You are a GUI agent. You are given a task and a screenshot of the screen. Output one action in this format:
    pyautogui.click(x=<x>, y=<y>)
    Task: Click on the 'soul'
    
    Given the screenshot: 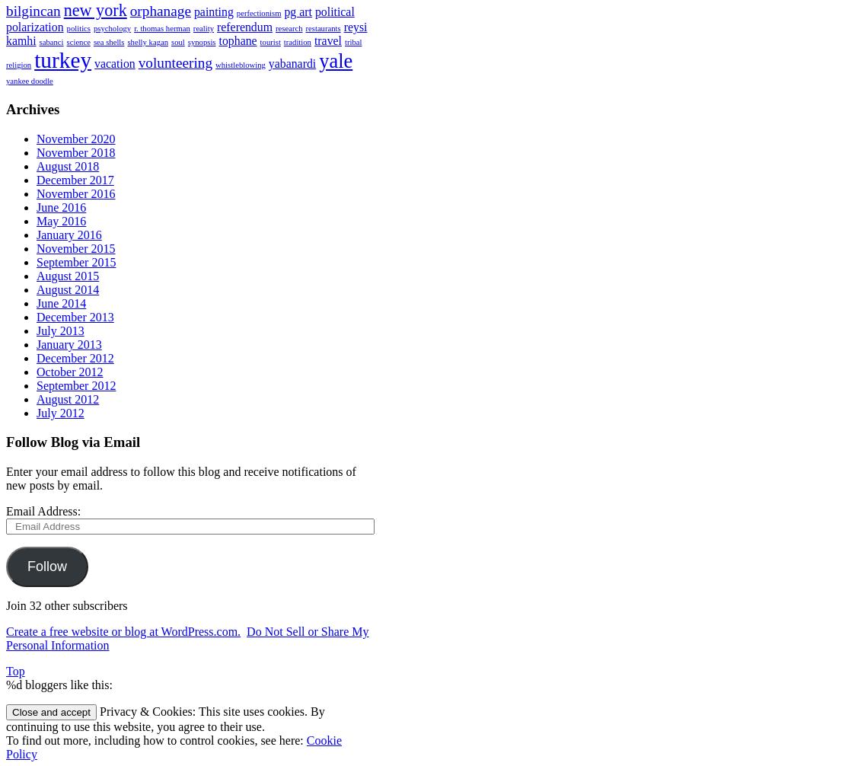 What is the action you would take?
    pyautogui.click(x=177, y=42)
    